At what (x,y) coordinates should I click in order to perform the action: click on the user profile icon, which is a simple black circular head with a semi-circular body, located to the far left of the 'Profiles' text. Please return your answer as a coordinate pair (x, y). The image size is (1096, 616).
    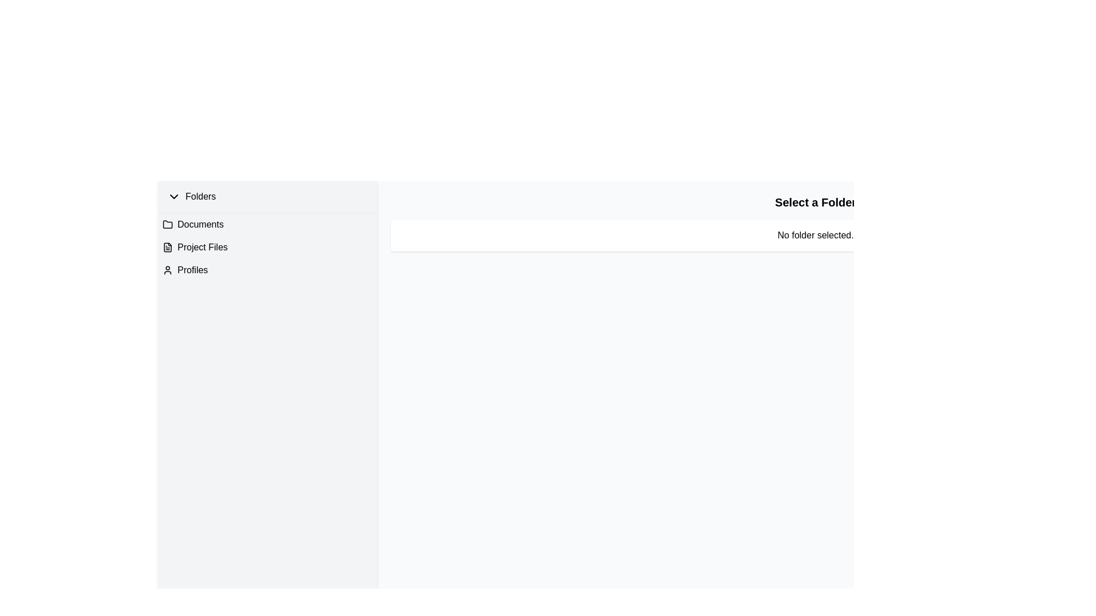
    Looking at the image, I should click on (167, 270).